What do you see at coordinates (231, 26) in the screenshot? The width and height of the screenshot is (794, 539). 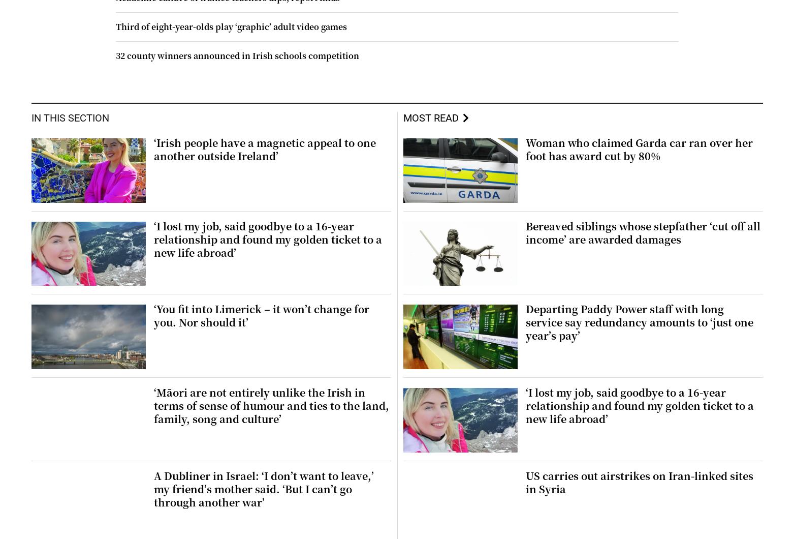 I see `'Third of eight-year-olds play ‘graphic’ adult video games'` at bounding box center [231, 26].